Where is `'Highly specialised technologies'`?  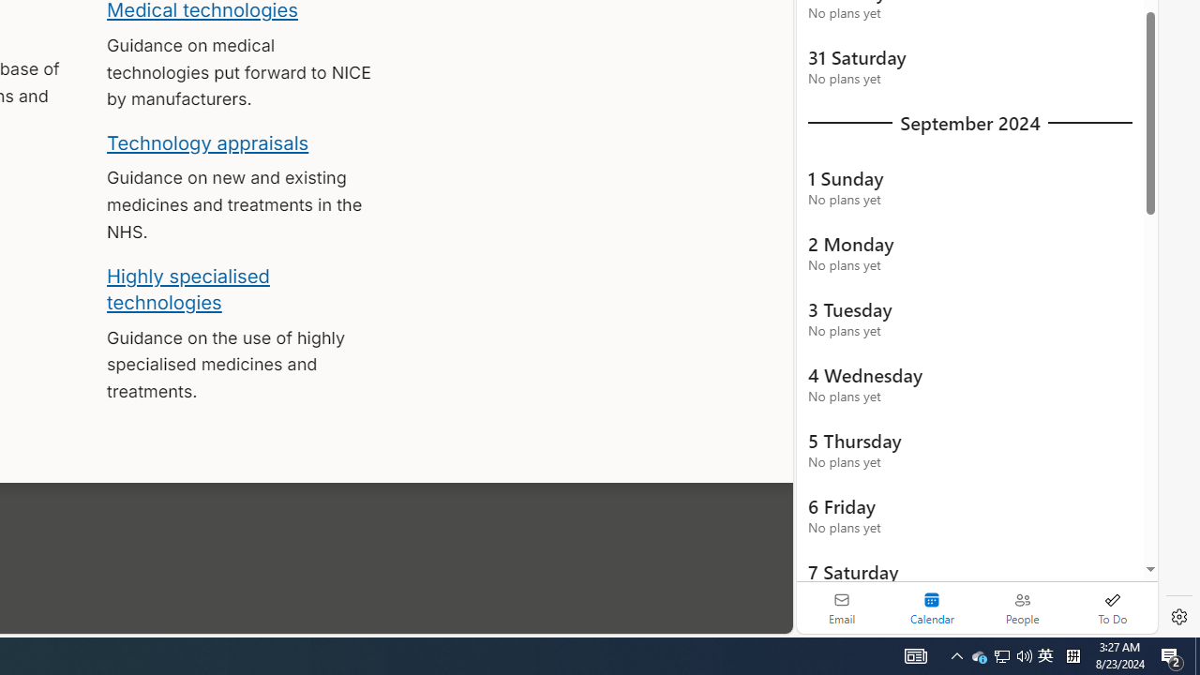 'Highly specialised technologies' is located at coordinates (187, 289).